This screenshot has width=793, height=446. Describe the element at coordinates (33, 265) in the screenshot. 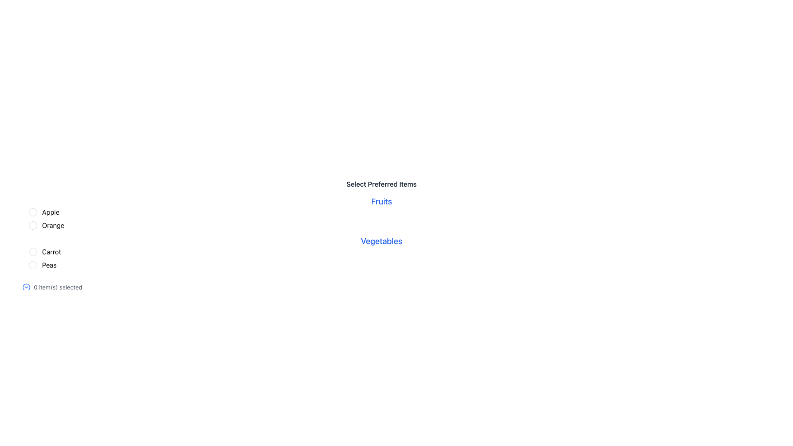

I see `the radio button with a white fill and gray border located to the left of the text 'Peas'` at that location.